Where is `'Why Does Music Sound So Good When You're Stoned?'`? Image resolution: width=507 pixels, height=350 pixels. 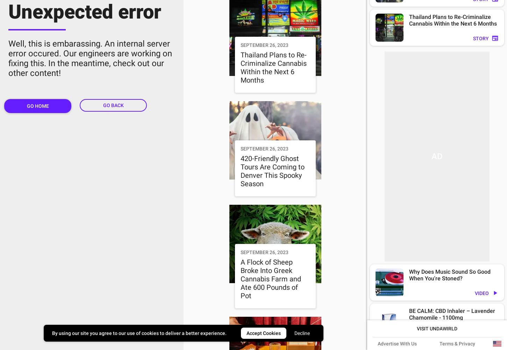
'Why Does Music Sound So Good When You're Stoned?' is located at coordinates (450, 275).